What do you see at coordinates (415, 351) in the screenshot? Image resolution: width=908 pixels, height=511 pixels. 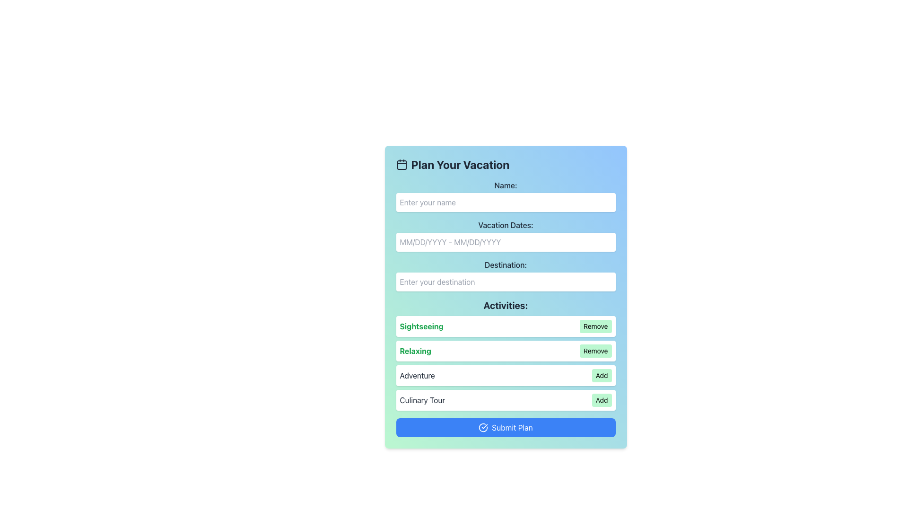 I see `the text label indicating the activity name 'RelaxingRemove', which is the second item in the activities list under the heading 'Activities'` at bounding box center [415, 351].